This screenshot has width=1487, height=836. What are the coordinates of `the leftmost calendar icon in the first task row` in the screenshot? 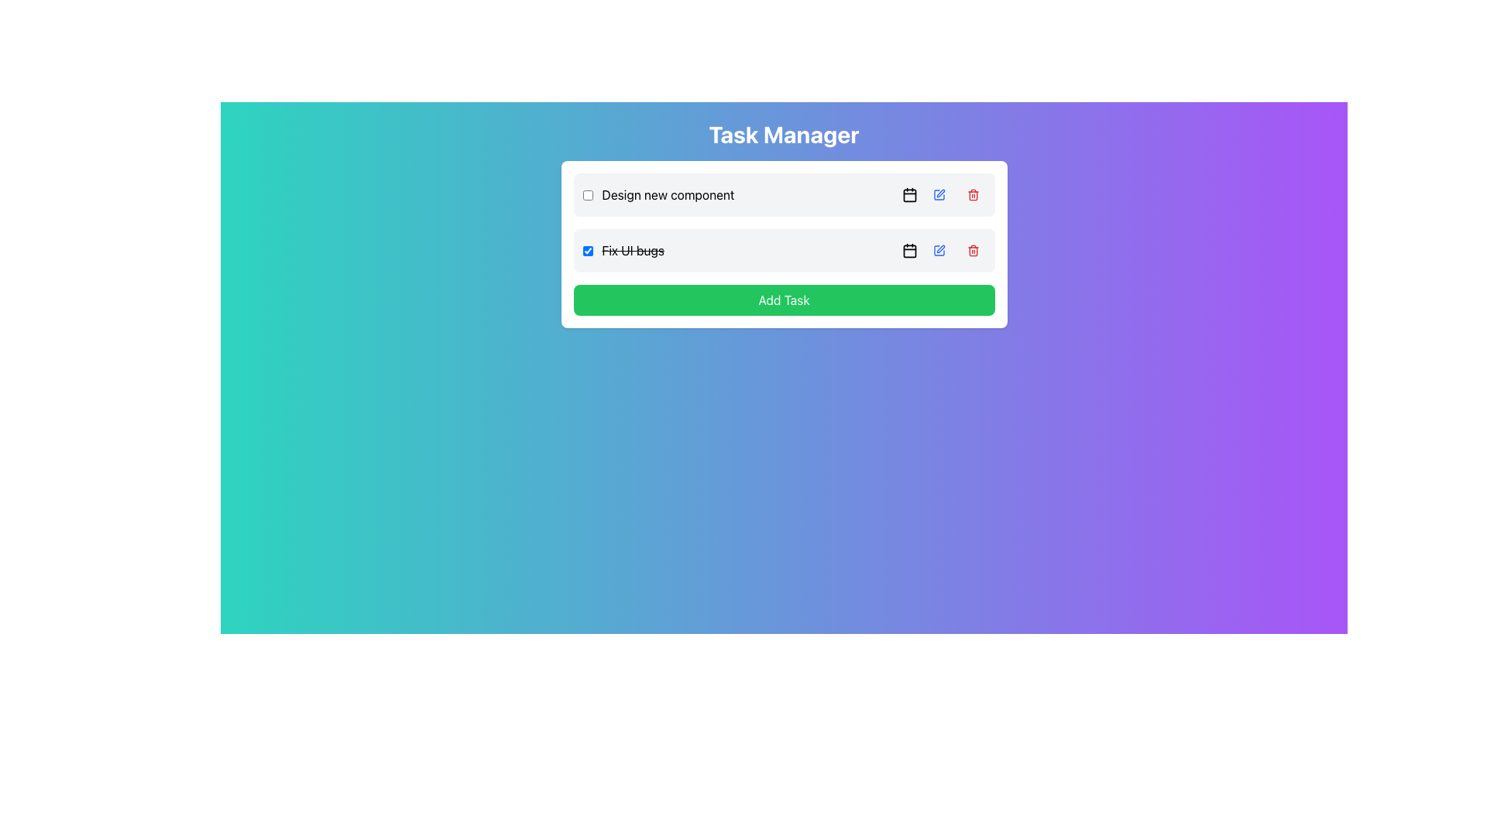 It's located at (909, 194).